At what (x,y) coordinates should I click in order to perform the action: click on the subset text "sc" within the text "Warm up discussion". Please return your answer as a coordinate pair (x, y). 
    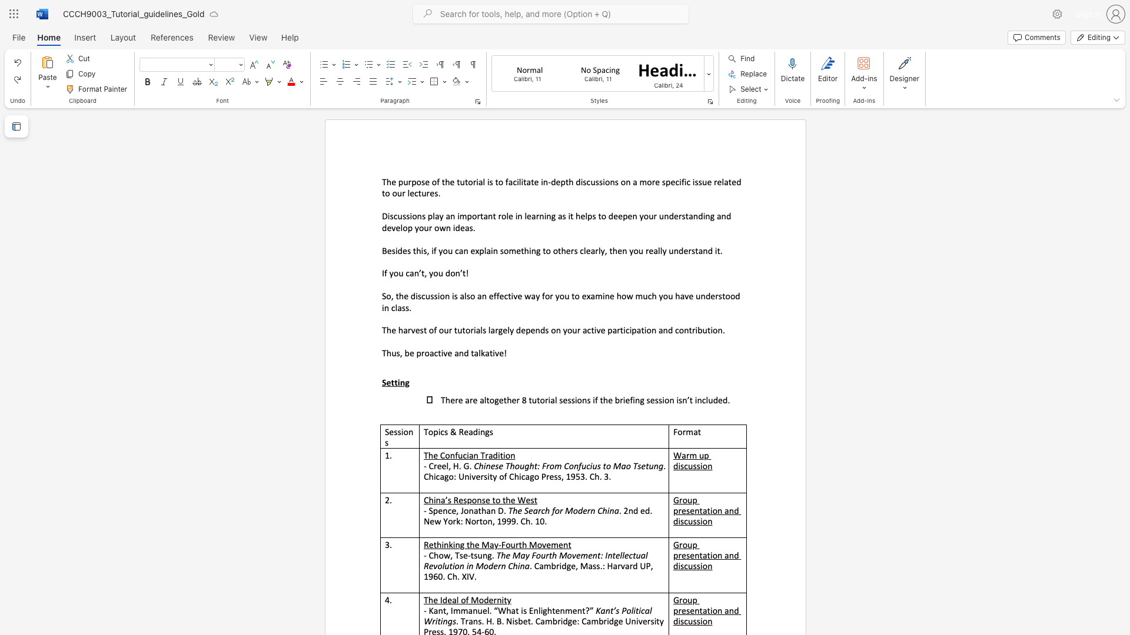
    Looking at the image, I should click on (680, 465).